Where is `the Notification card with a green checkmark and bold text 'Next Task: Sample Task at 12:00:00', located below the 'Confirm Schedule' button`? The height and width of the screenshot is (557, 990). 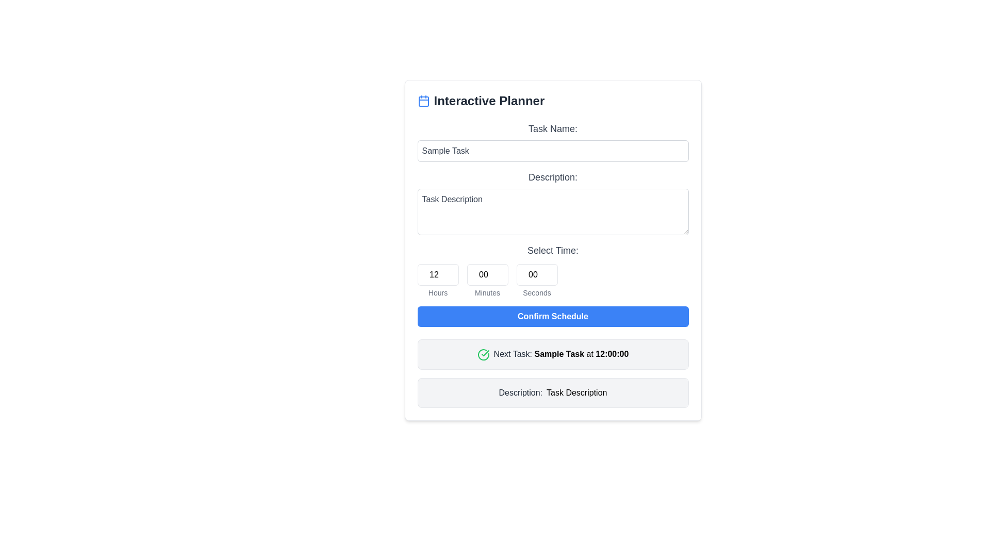 the Notification card with a green checkmark and bold text 'Next Task: Sample Task at 12:00:00', located below the 'Confirm Schedule' button is located at coordinates (552, 354).